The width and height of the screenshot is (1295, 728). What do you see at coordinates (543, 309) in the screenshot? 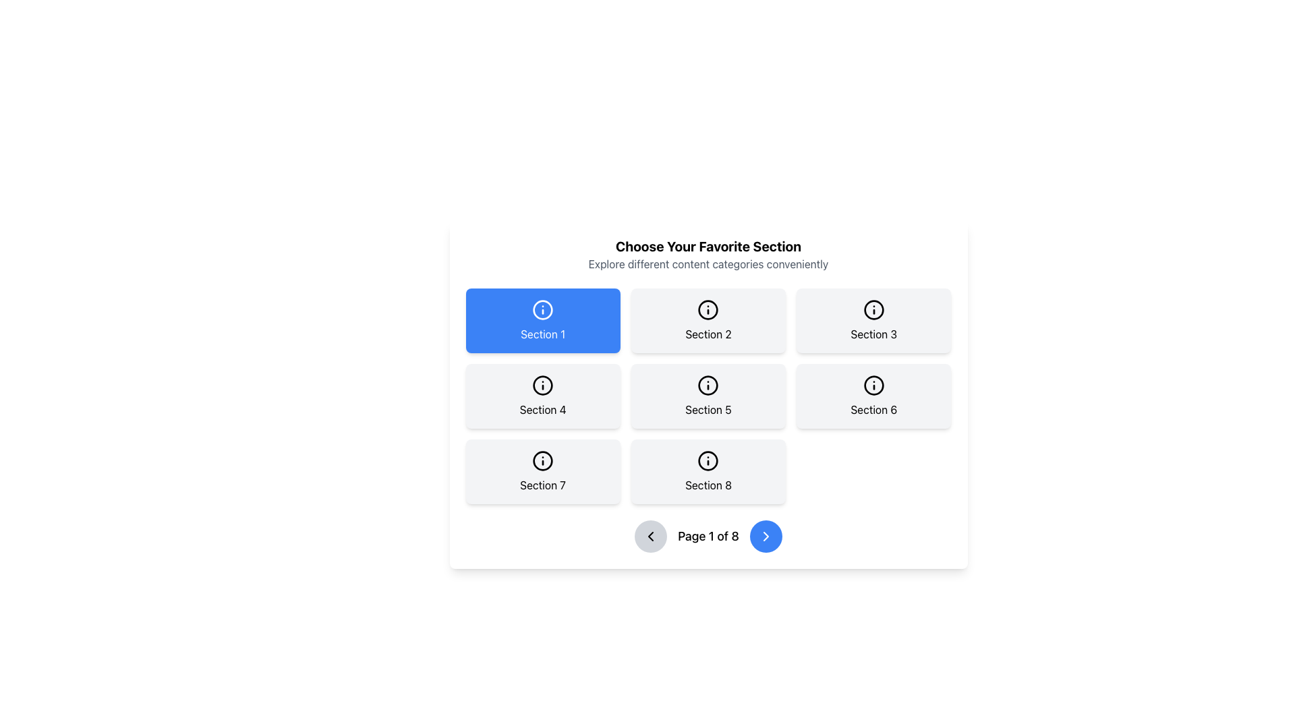
I see `the circular information icon with an 'i' symbol, which is located at the center of the 'Section 1' button in the first row of a 3x3 grid layout` at bounding box center [543, 309].